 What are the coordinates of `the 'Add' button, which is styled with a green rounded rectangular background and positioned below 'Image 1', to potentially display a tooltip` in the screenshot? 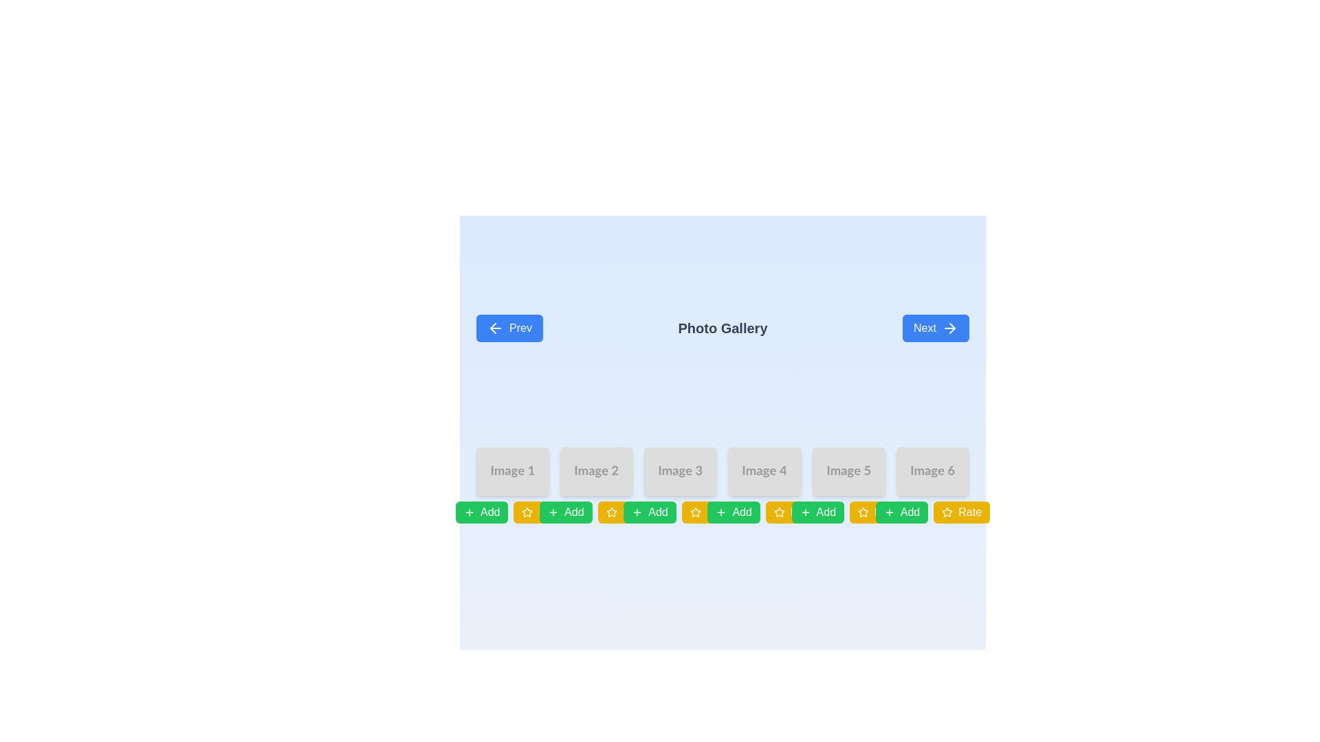 It's located at (490, 512).